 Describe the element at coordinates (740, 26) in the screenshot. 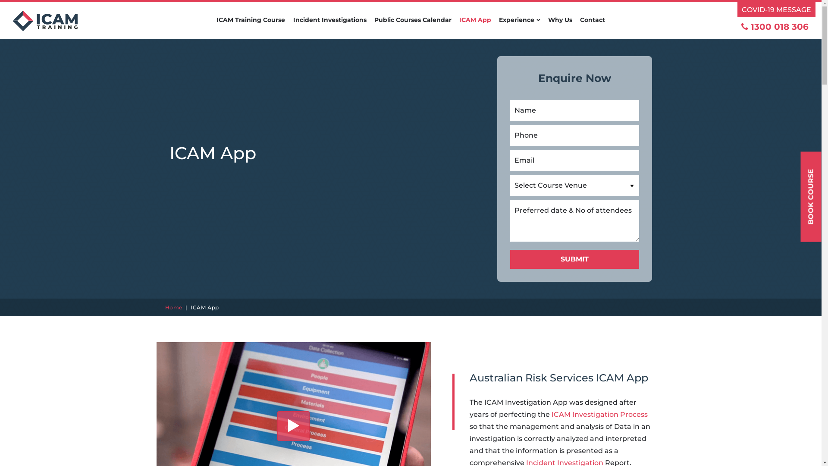

I see `'1300 018 306'` at that location.